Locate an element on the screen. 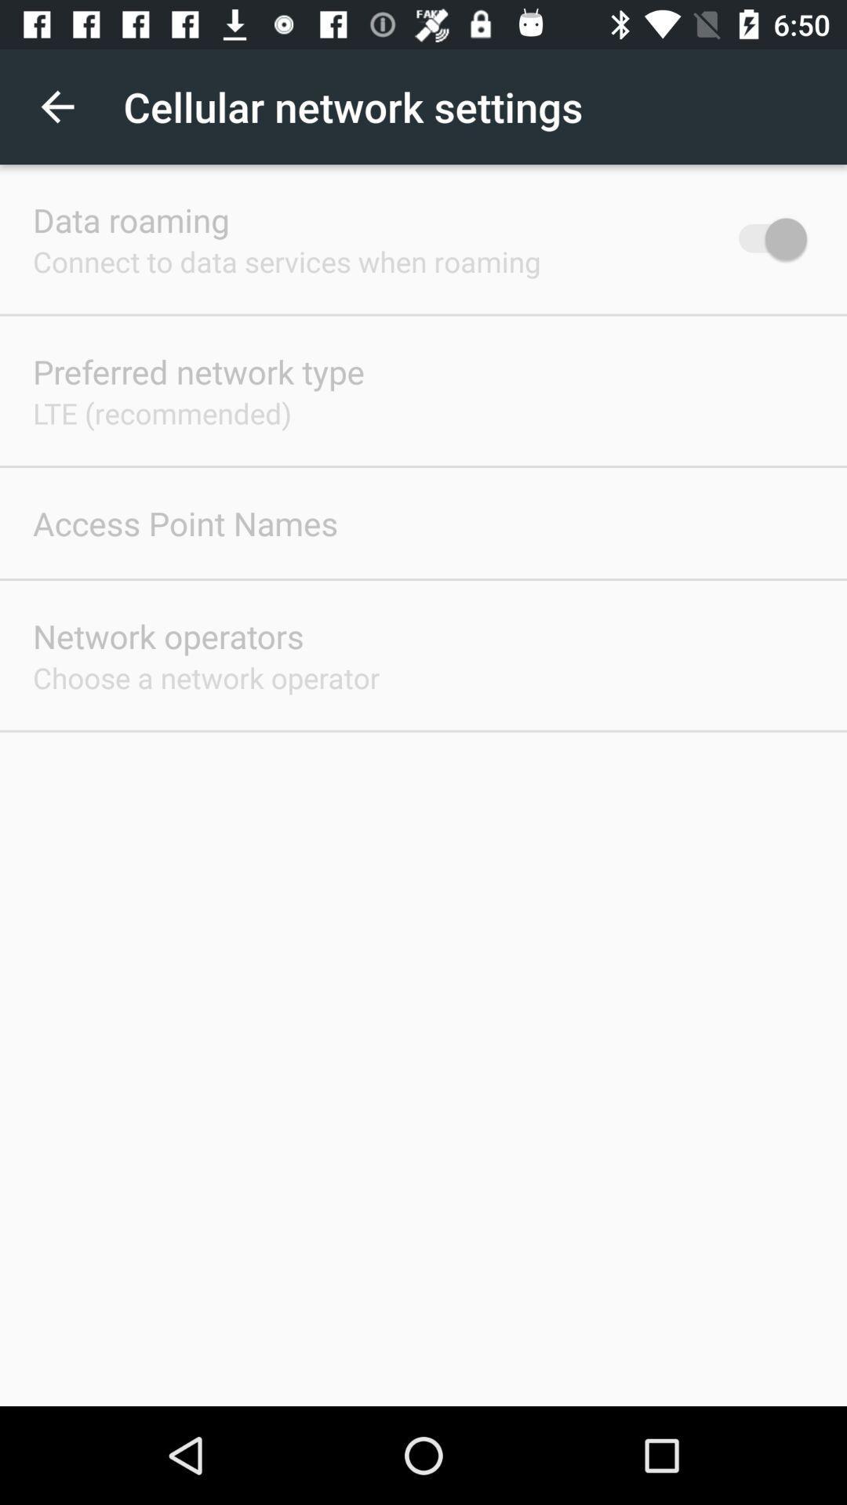  icon below the lte (recommended) app is located at coordinates (184, 523).